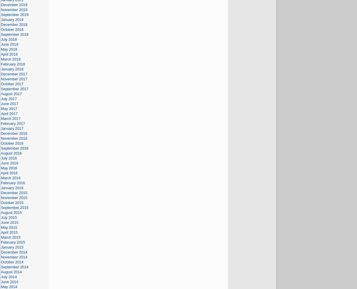 This screenshot has width=357, height=289. What do you see at coordinates (9, 217) in the screenshot?
I see `'July 2015'` at bounding box center [9, 217].